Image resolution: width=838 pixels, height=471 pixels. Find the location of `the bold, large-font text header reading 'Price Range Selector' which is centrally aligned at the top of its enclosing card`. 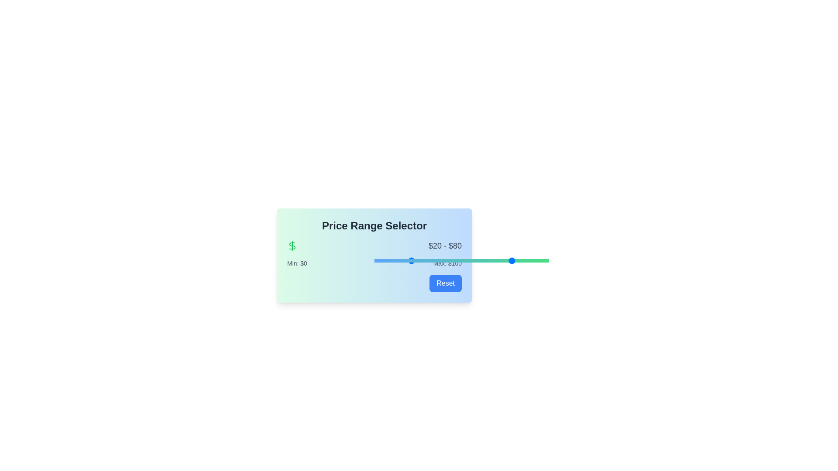

the bold, large-font text header reading 'Price Range Selector' which is centrally aligned at the top of its enclosing card is located at coordinates (374, 225).